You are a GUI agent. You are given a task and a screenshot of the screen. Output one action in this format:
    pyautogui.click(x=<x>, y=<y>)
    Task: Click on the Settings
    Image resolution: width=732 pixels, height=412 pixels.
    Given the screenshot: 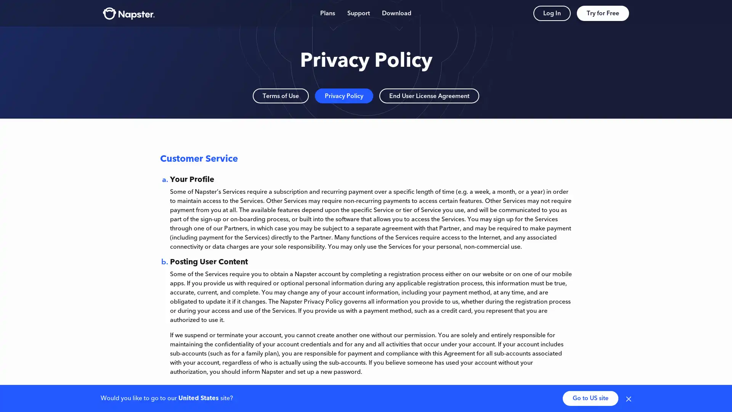 What is the action you would take?
    pyautogui.click(x=617, y=351)
    